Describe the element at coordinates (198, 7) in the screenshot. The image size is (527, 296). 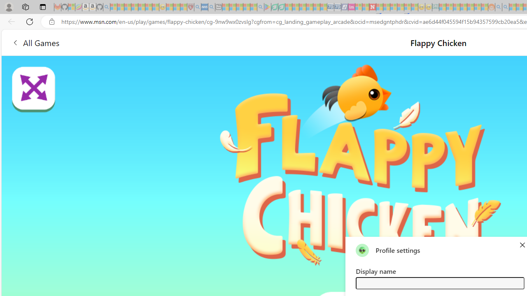
I see `'list of asthma inhalers uk - Search - Sleeping'` at that location.